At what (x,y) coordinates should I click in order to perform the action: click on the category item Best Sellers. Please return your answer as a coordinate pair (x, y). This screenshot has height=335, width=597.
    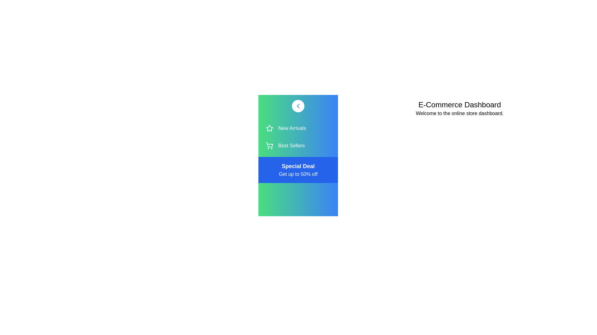
    Looking at the image, I should click on (298, 146).